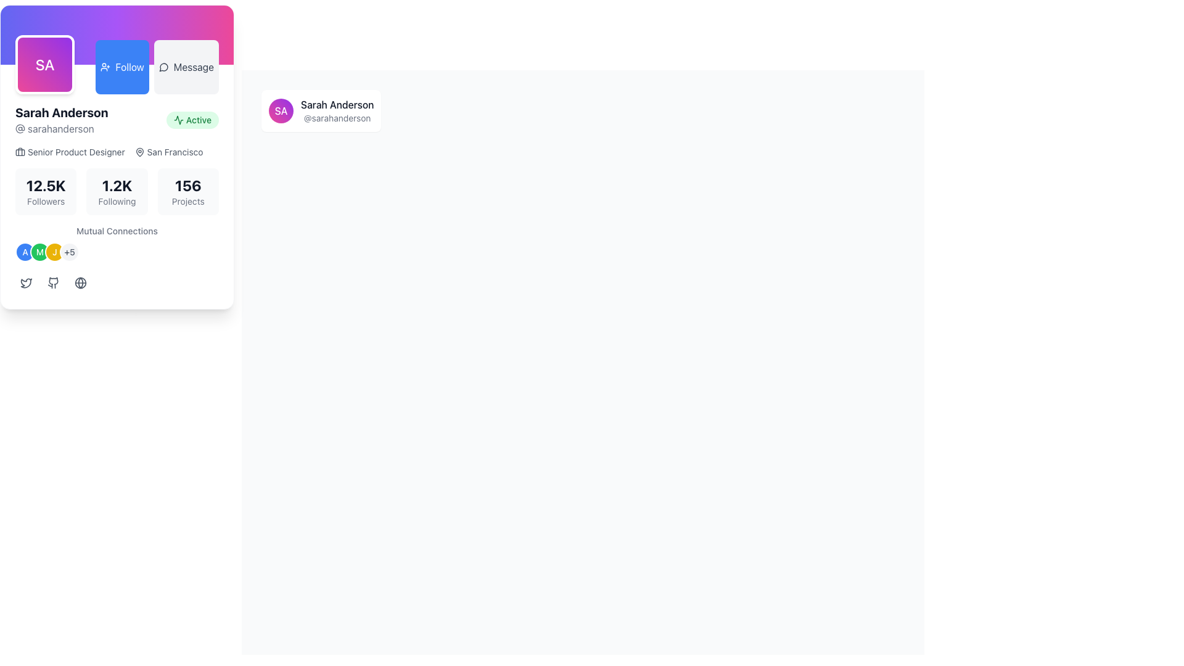 The image size is (1184, 666). What do you see at coordinates (79, 283) in the screenshot?
I see `the interactive SVG circle graphic located in the lower-left area of the user profile details card` at bounding box center [79, 283].